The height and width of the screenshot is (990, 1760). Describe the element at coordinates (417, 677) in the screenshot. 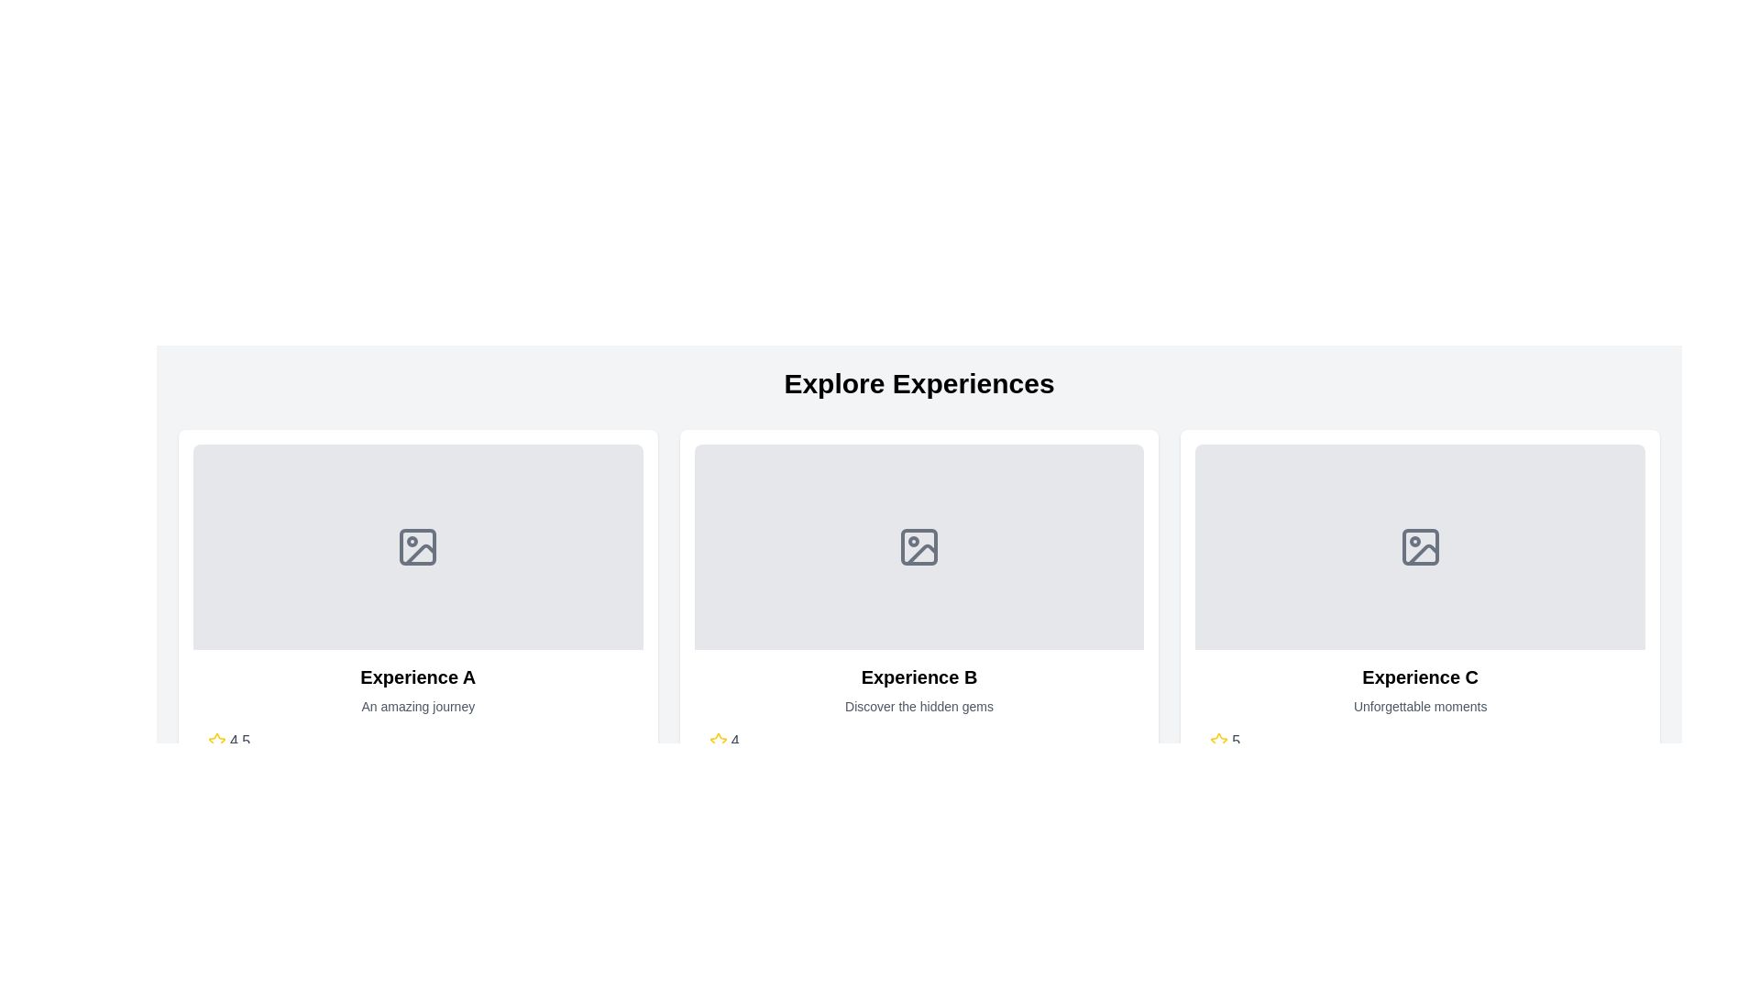

I see `text from the title label located at the center of the bottom section of the leftmost card, which serves as the heading for the content presented` at that location.